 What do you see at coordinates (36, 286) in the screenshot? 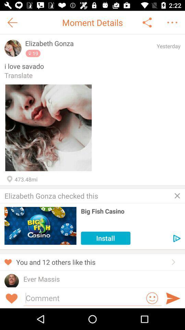
I see `quelinda icon` at bounding box center [36, 286].